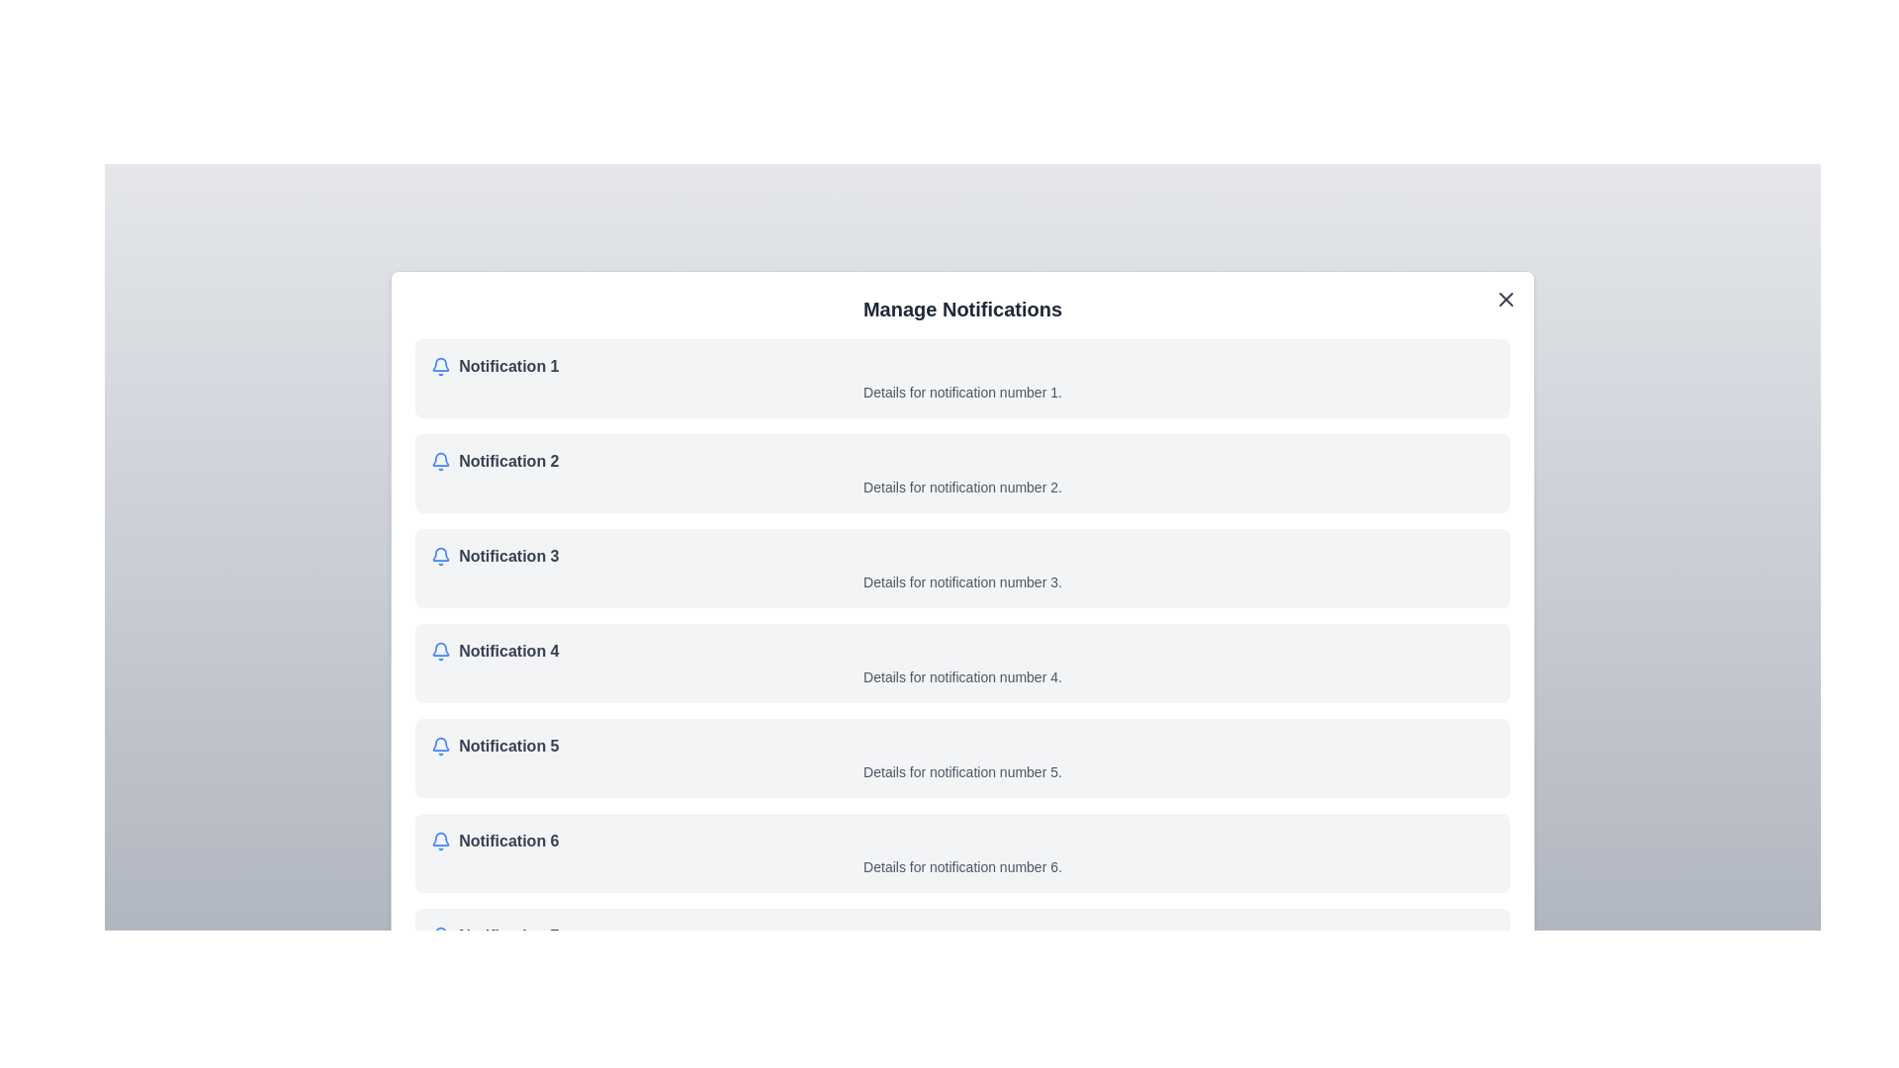  Describe the element at coordinates (1504, 300) in the screenshot. I see `close button located at the top-right corner of the dialog to close the notification management dialog` at that location.